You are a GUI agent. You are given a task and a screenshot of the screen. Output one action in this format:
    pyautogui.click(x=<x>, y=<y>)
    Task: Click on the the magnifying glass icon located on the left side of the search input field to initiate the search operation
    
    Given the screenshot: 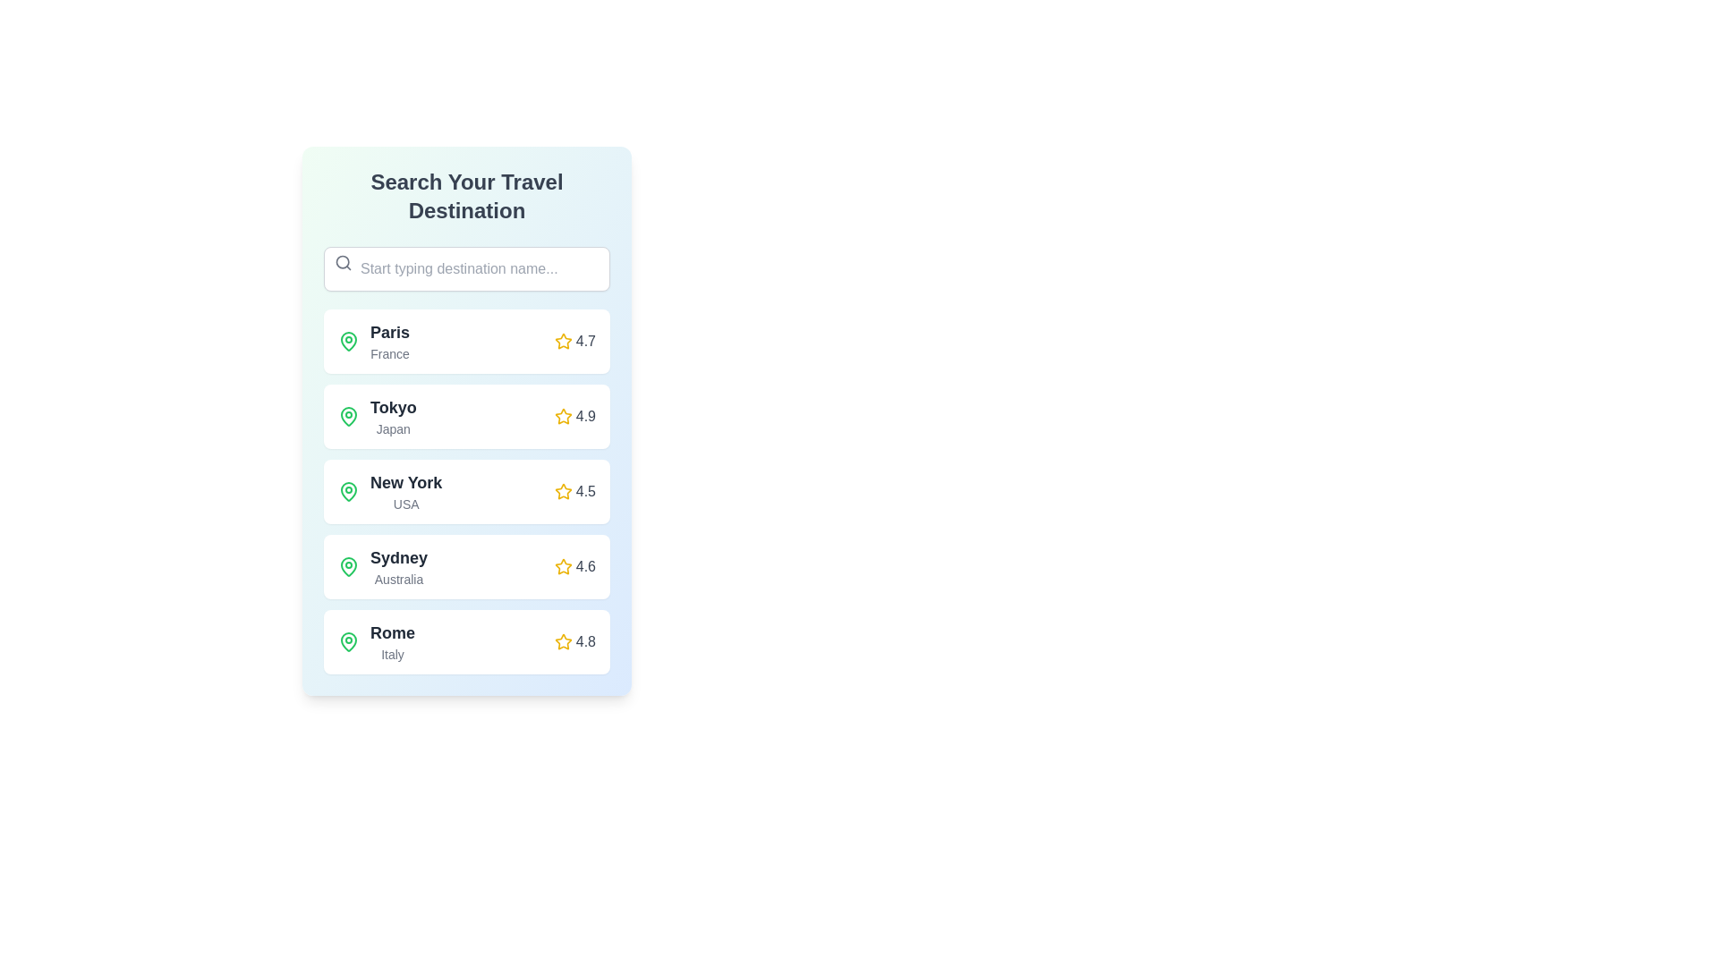 What is the action you would take?
    pyautogui.click(x=344, y=262)
    